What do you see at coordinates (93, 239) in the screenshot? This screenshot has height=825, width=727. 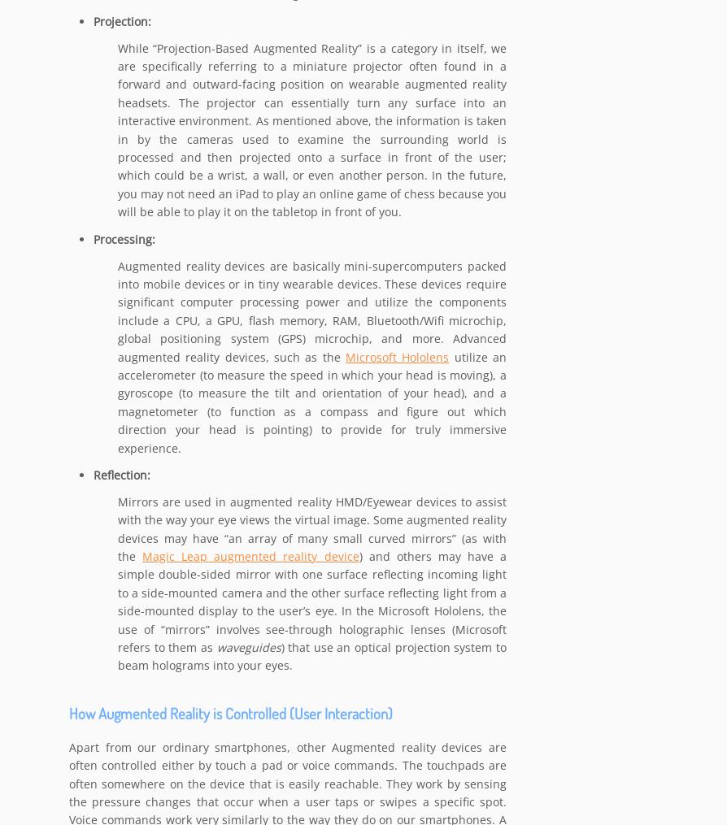 I see `'Processing:'` at bounding box center [93, 239].